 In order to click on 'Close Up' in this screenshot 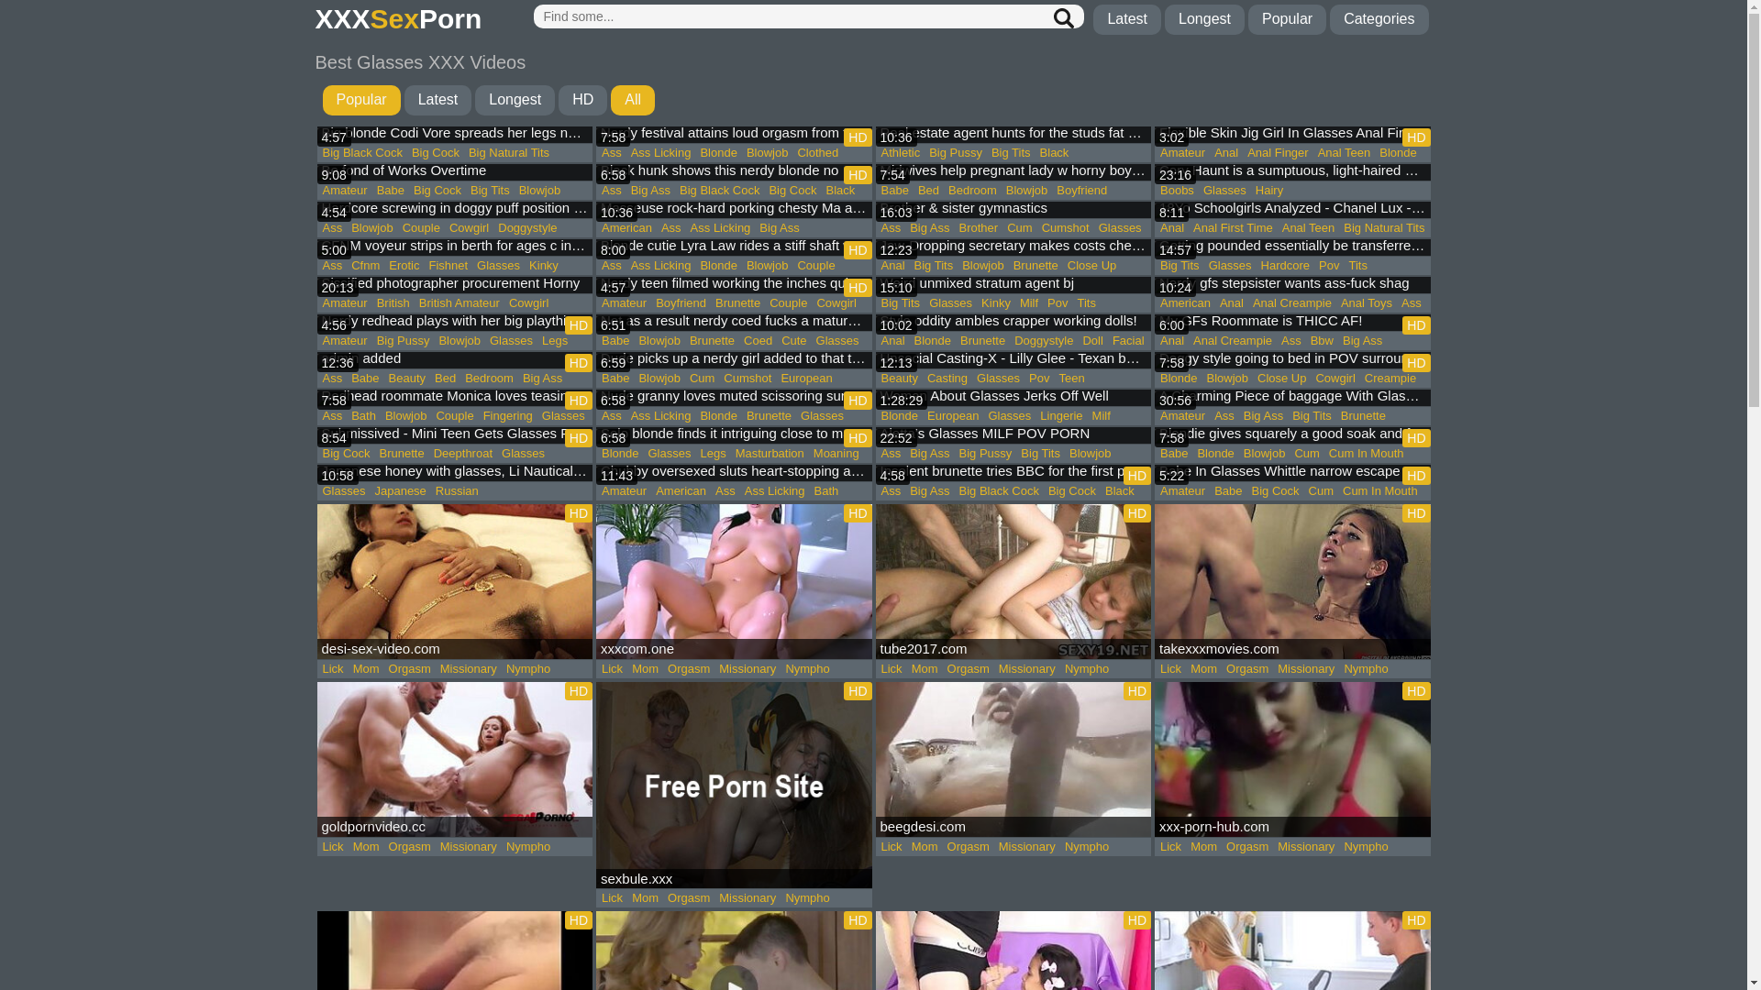, I will do `click(1062, 265)`.